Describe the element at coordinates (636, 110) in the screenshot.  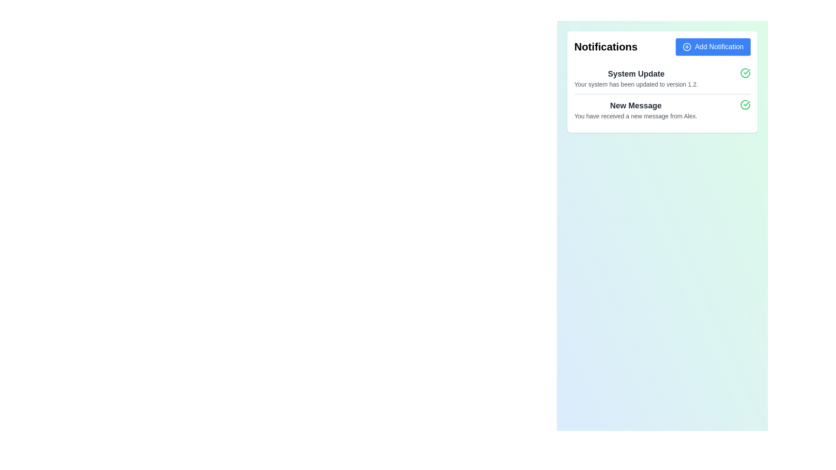
I see `the Informational Text Block that displays a new message received from Alex, located in the notification panel below the 'System Update' notification` at that location.